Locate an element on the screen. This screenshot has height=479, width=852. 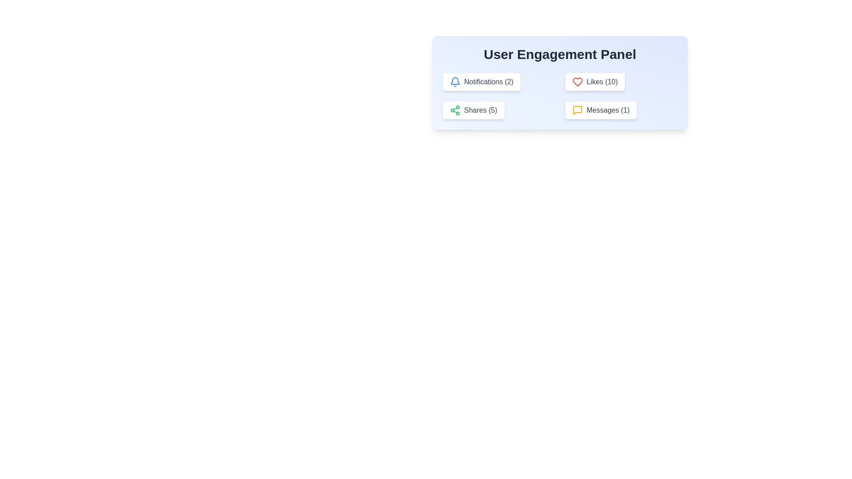
the 'Messages (1)' text label, which is styled with a dark gray font and located next to a yellow speech bubble icon in the bottom-right cell of the User Engagement Panel is located at coordinates (607, 110).